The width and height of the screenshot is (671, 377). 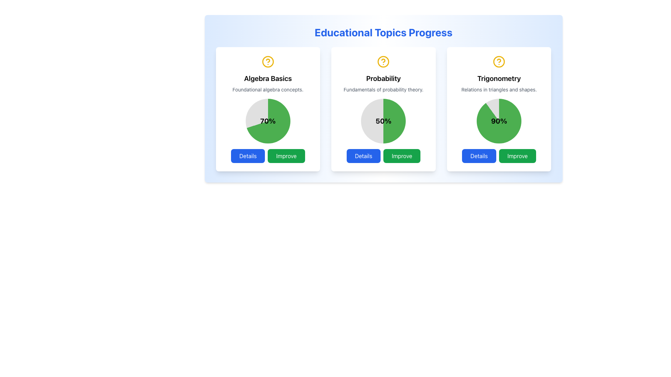 I want to click on the green button labeled 'Improve', which is the second button in a horizontal arrangement on the 'Probability' card, located to the right of the 'Details' button, so click(x=402, y=156).